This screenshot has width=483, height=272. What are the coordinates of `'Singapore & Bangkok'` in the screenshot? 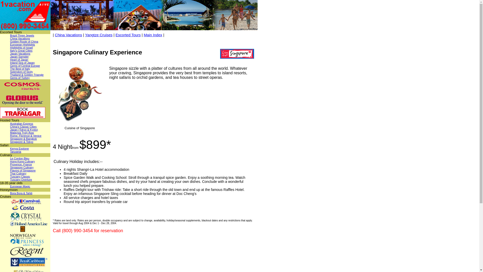 It's located at (23, 139).